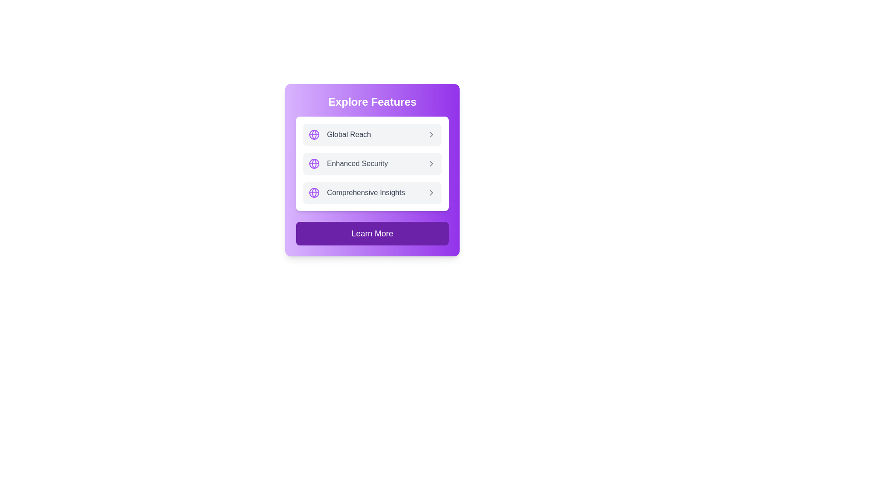 The width and height of the screenshot is (872, 490). What do you see at coordinates (431, 192) in the screenshot?
I see `the chevron icon located at the far-right position of the 'Comprehensive Insights' list item` at bounding box center [431, 192].